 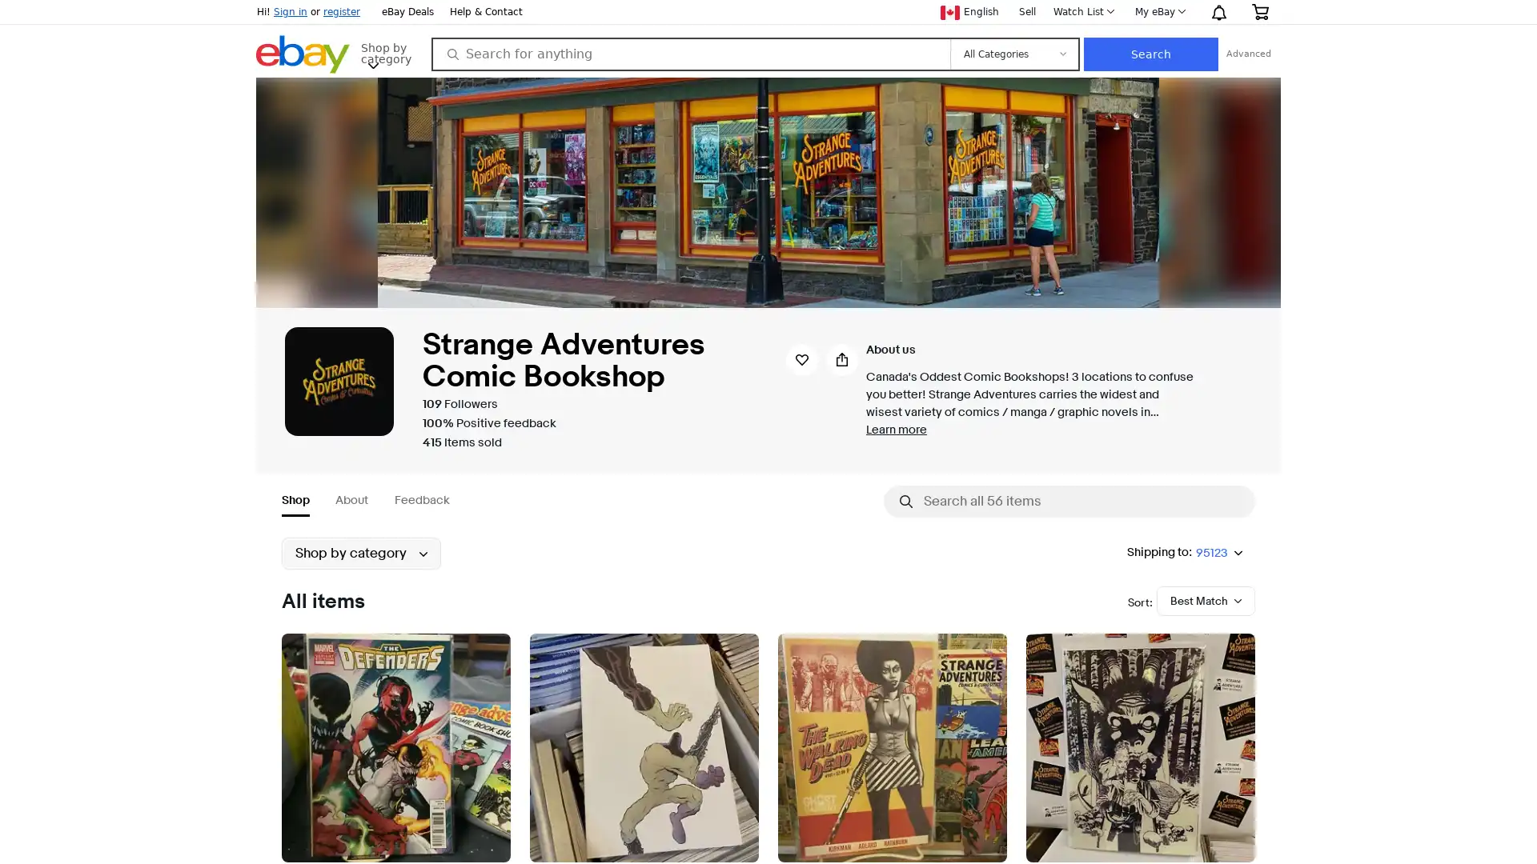 What do you see at coordinates (389, 51) in the screenshot?
I see `Shop by category` at bounding box center [389, 51].